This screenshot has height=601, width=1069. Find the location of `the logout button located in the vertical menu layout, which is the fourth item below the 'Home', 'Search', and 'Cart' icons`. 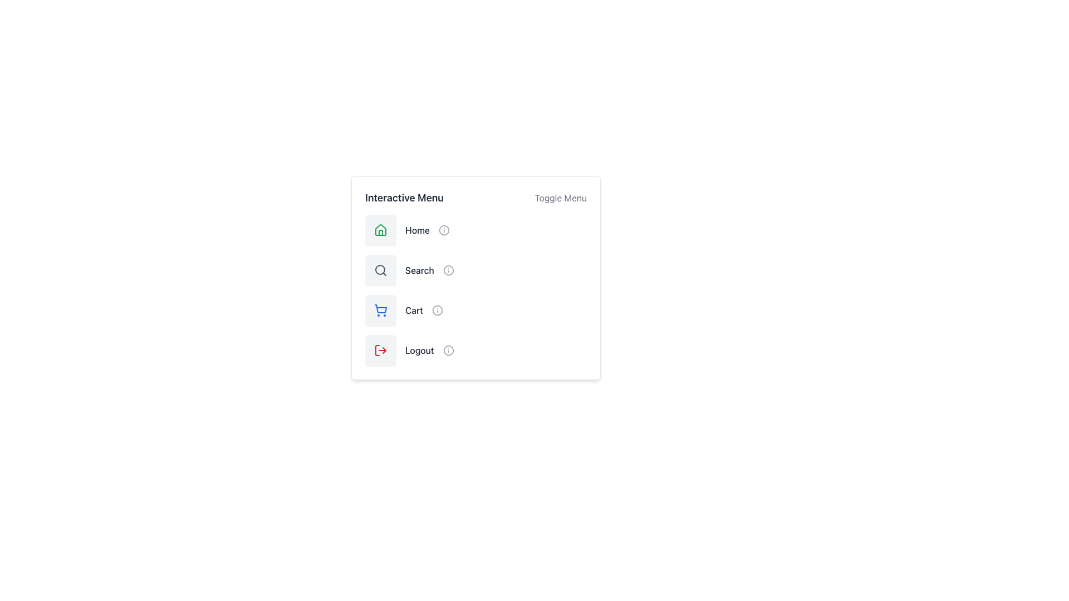

the logout button located in the vertical menu layout, which is the fourth item below the 'Home', 'Search', and 'Cart' icons is located at coordinates (381, 349).